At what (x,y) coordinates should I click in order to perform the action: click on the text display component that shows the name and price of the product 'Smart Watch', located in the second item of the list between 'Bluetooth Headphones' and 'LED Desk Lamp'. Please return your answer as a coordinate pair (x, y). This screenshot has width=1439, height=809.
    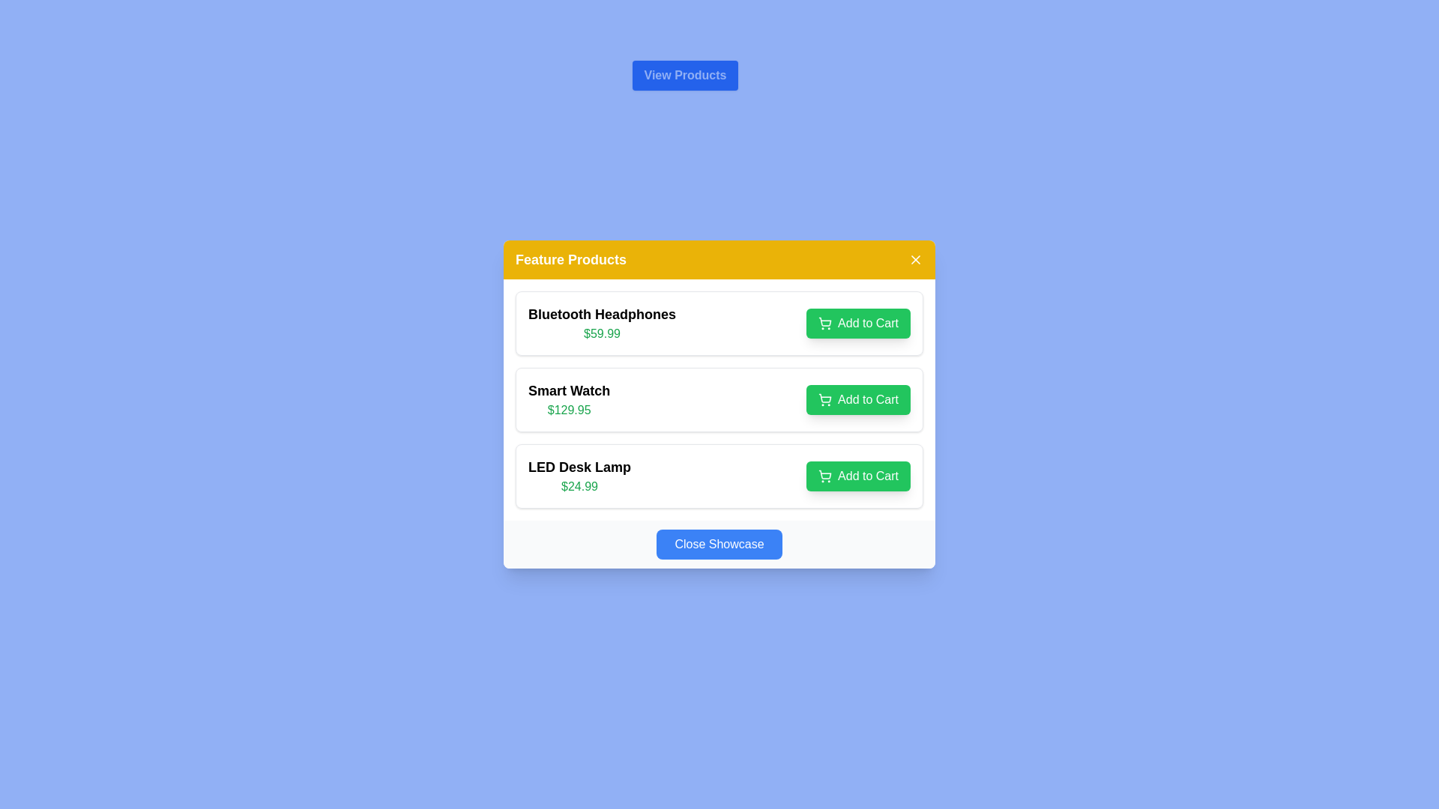
    Looking at the image, I should click on (568, 399).